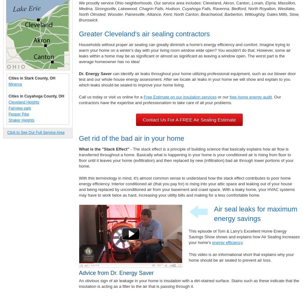  I want to click on 'Our Locations:', so click(21, 132).